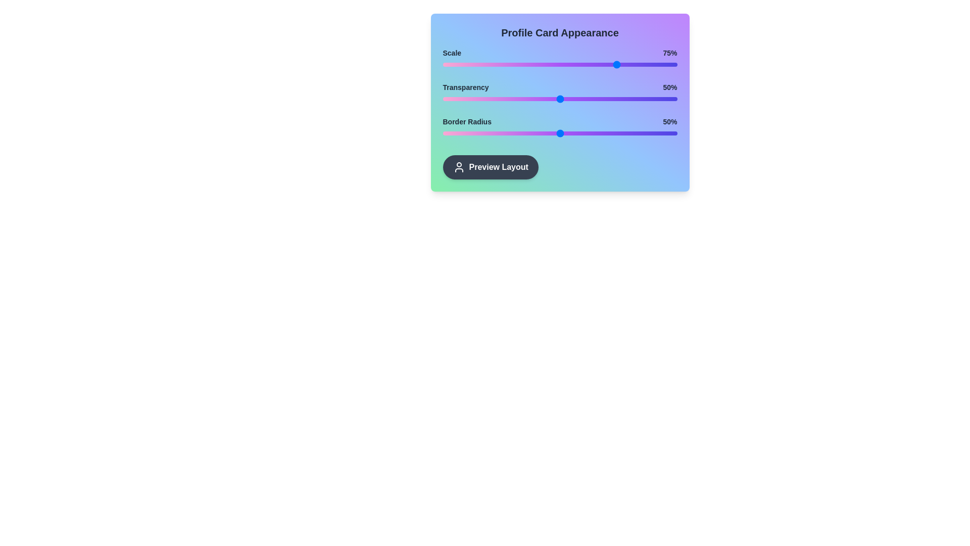 The height and width of the screenshot is (546, 970). What do you see at coordinates (458, 167) in the screenshot?
I see `the user icon, which is a minimalistic circular head and shoulder design` at bounding box center [458, 167].